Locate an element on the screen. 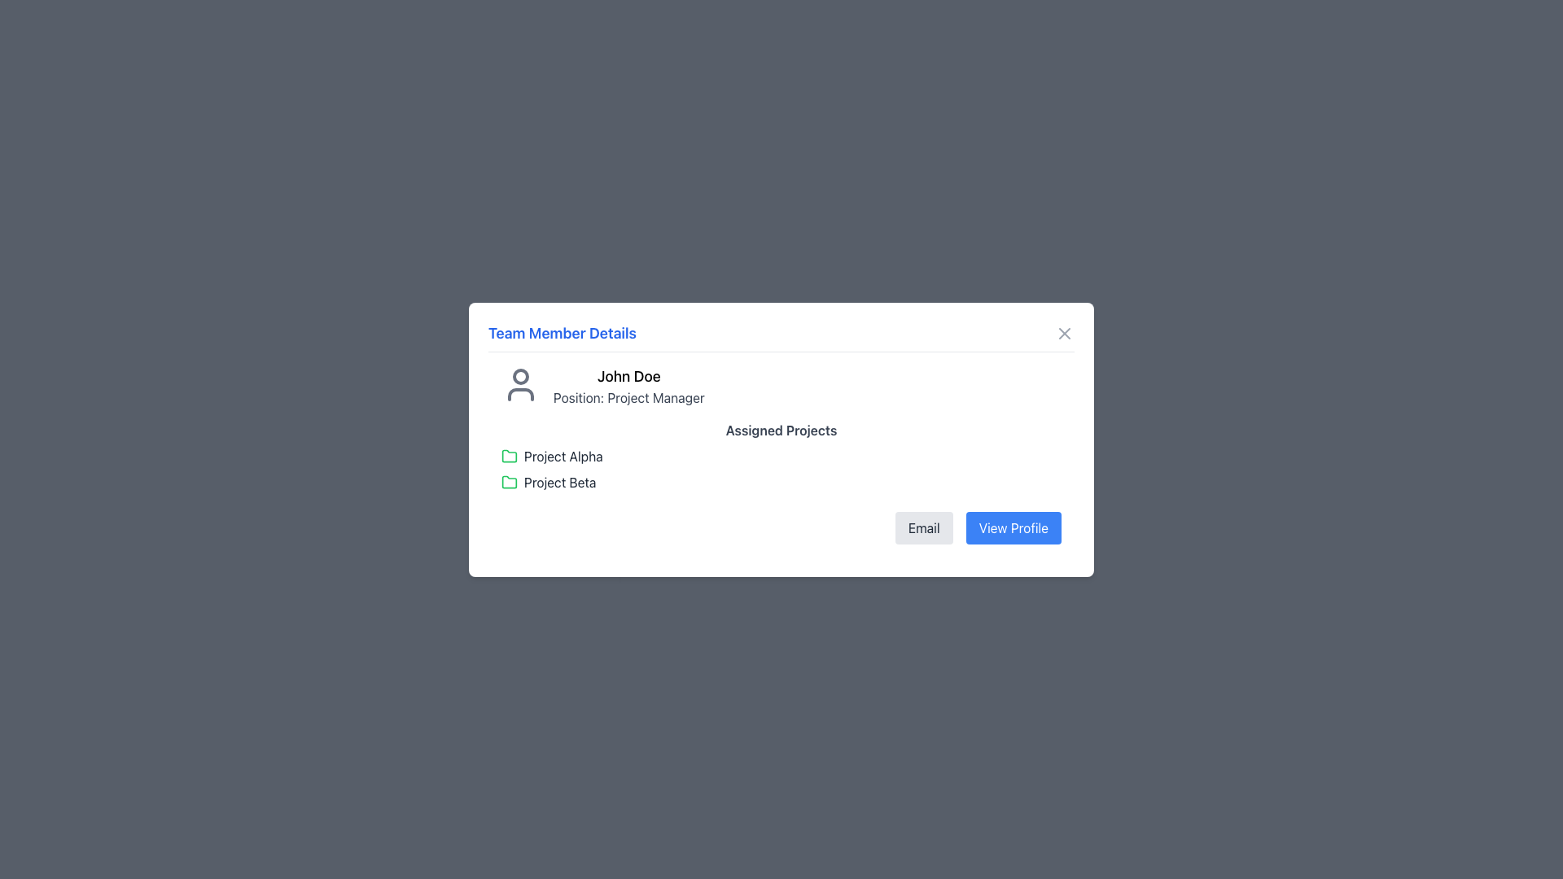  the text label 'John Doe' styled with a bold font located in the 'Team Member Details' pop-up box is located at coordinates (628, 376).